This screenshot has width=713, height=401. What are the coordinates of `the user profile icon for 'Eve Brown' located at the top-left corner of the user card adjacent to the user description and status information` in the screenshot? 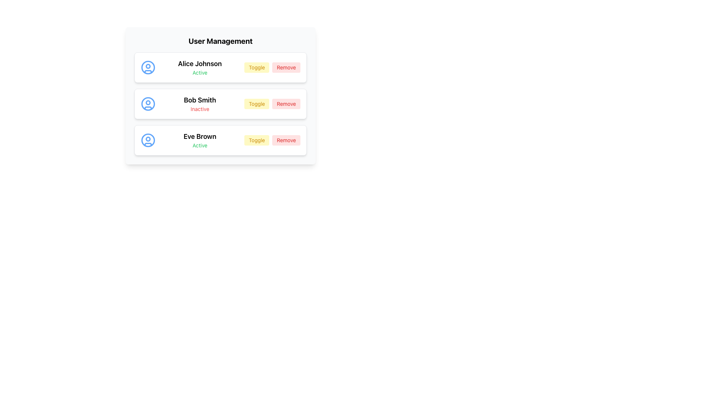 It's located at (148, 140).